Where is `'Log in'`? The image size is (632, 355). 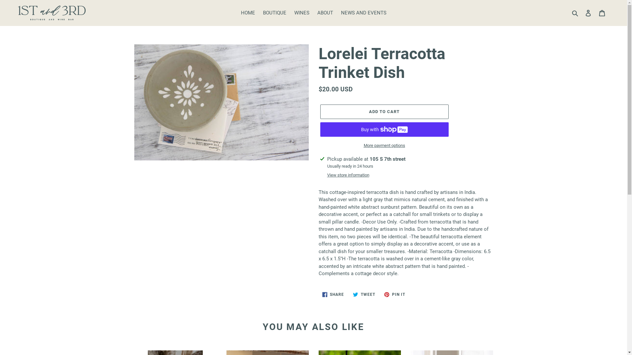
'Log in' is located at coordinates (588, 13).